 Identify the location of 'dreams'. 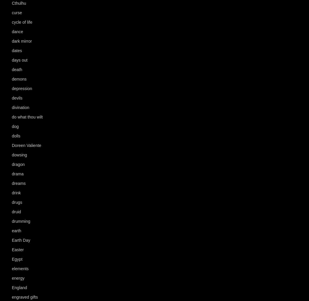
(18, 183).